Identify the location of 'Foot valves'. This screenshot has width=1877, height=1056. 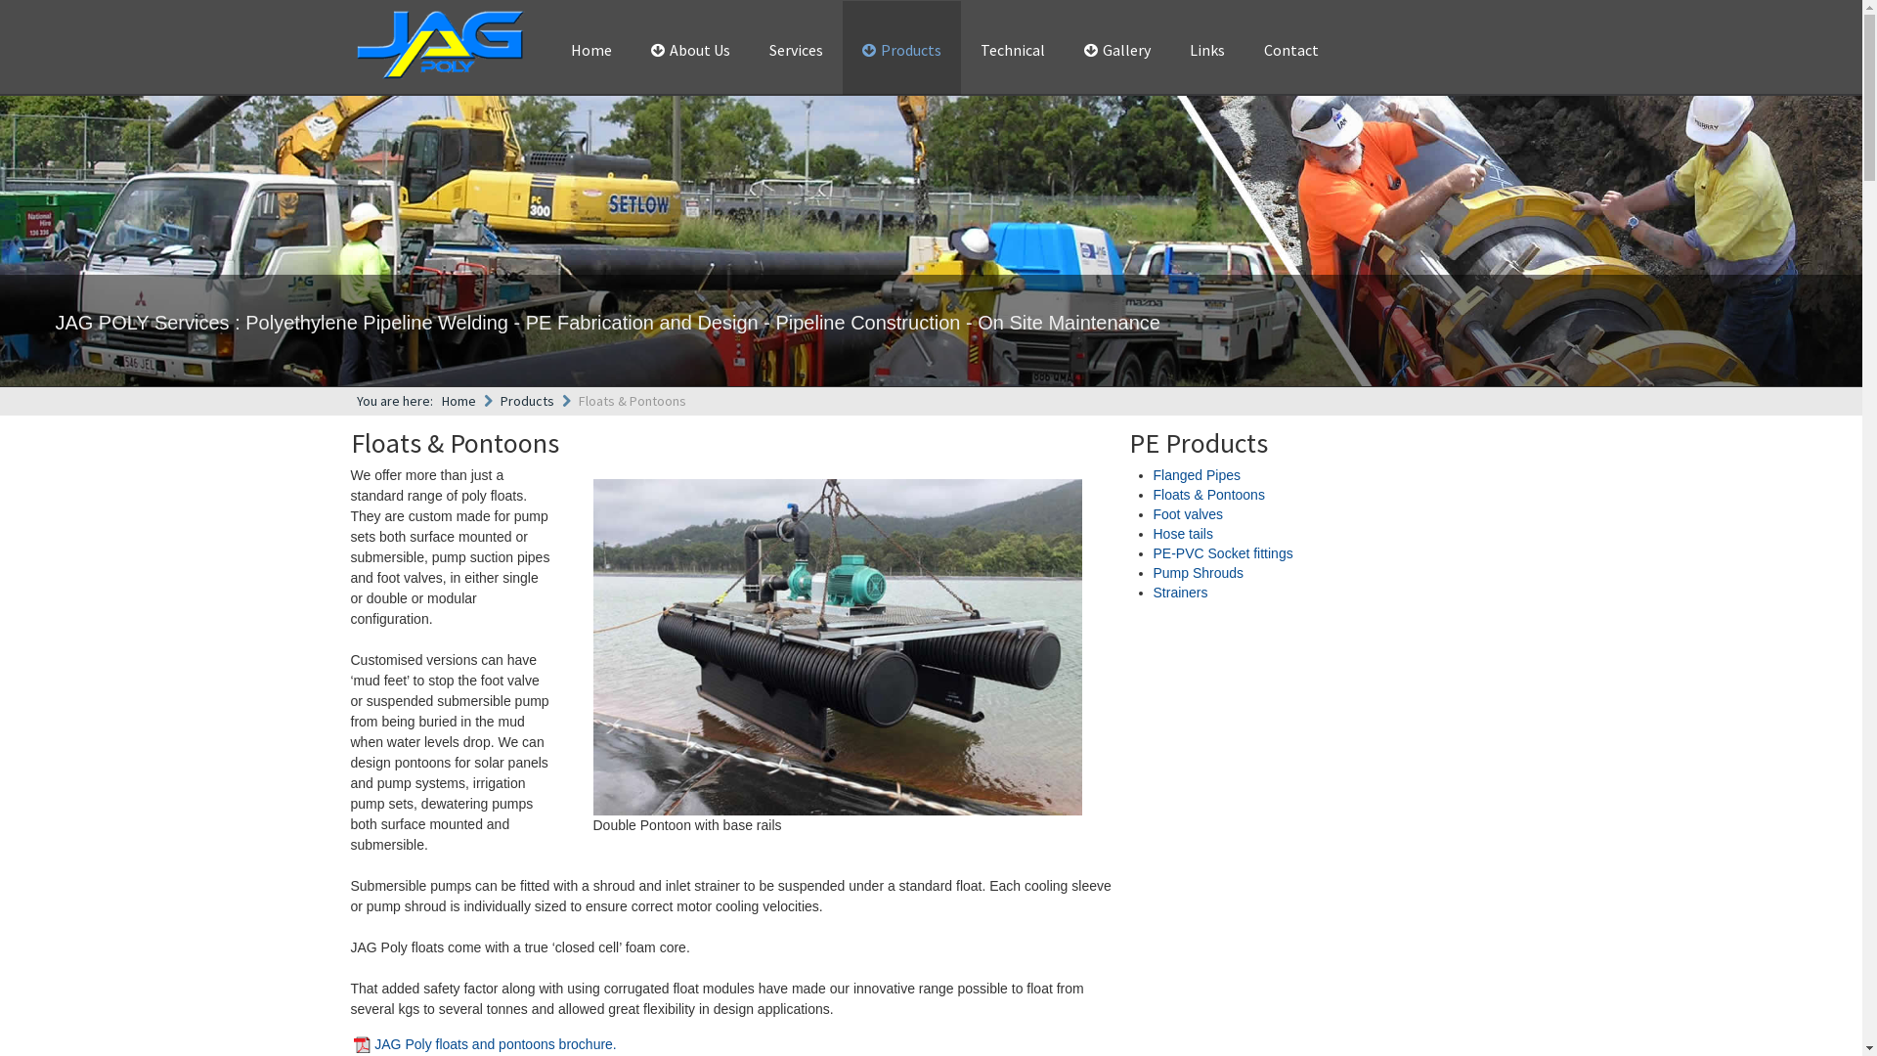
(1154, 512).